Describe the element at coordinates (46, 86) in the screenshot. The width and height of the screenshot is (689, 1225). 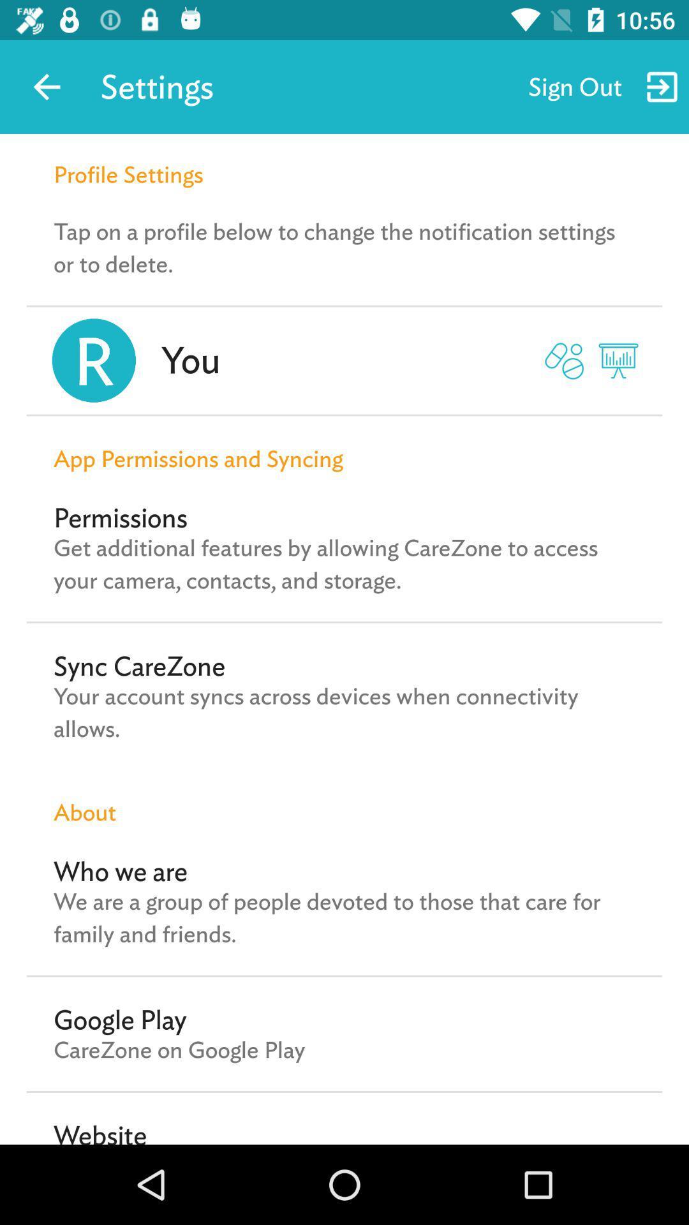
I see `app next to settings app` at that location.